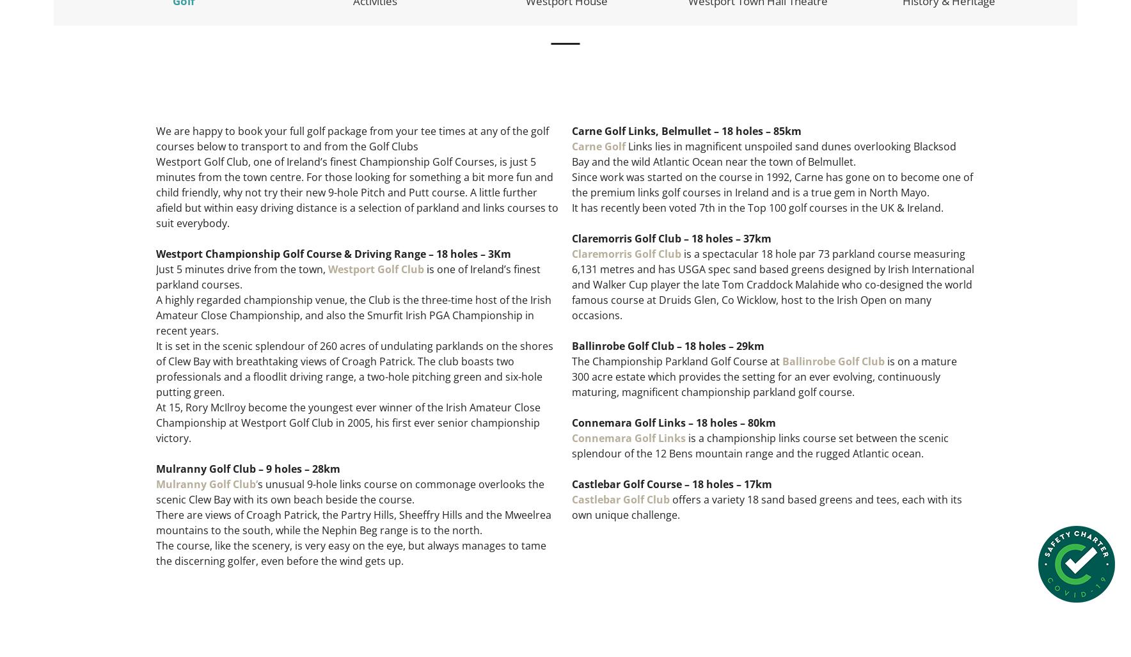 This screenshot has height=657, width=1131. I want to click on 'Ballinrobe Golf Club – 18 holes – 29km', so click(667, 345).